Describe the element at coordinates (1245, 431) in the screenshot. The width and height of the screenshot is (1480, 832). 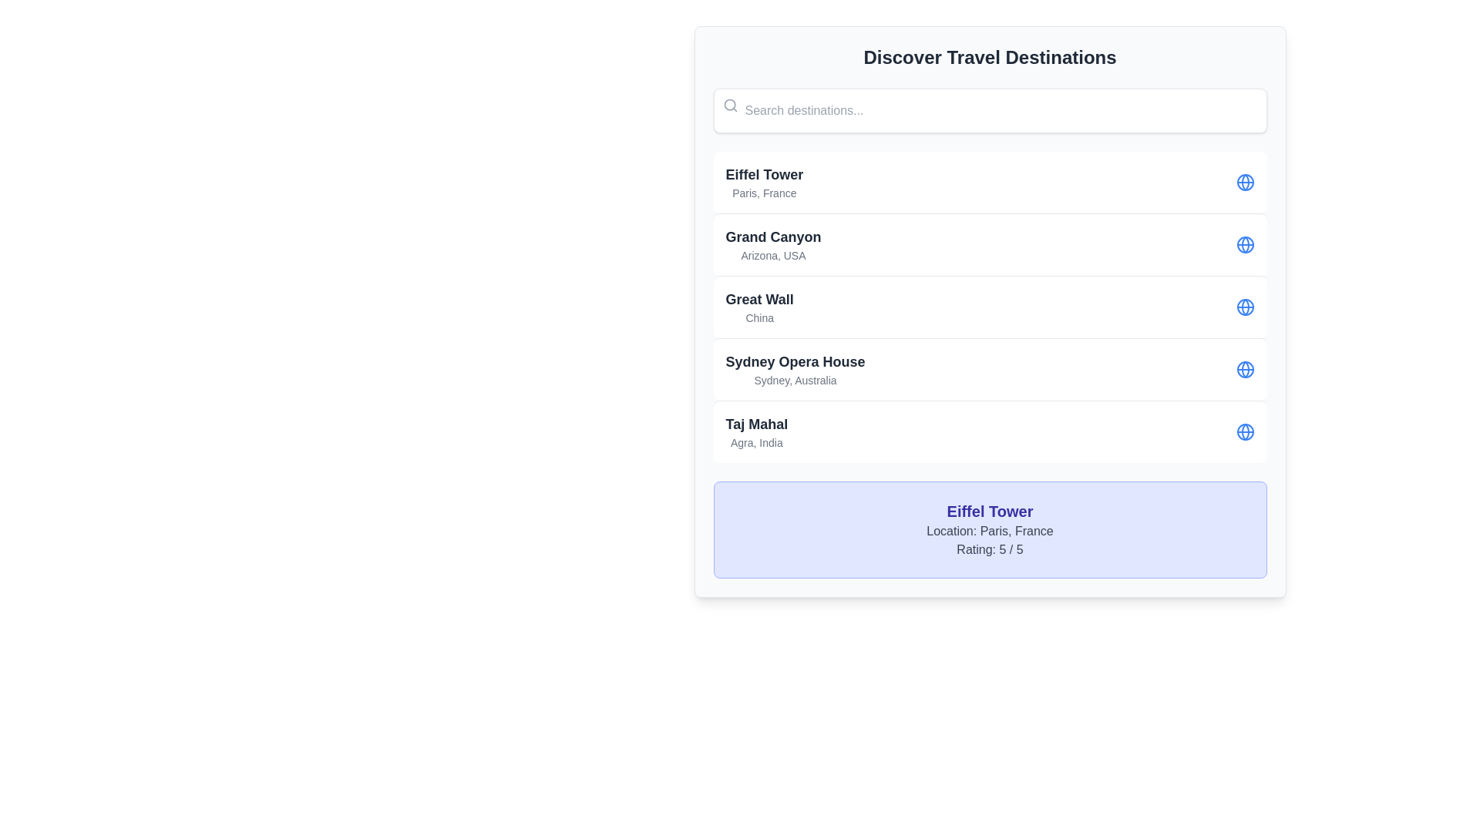
I see `the small circular UI icon with a blue stroke, located within the globe icon to the right of 'Taj Mahal, Agra, India'` at that location.